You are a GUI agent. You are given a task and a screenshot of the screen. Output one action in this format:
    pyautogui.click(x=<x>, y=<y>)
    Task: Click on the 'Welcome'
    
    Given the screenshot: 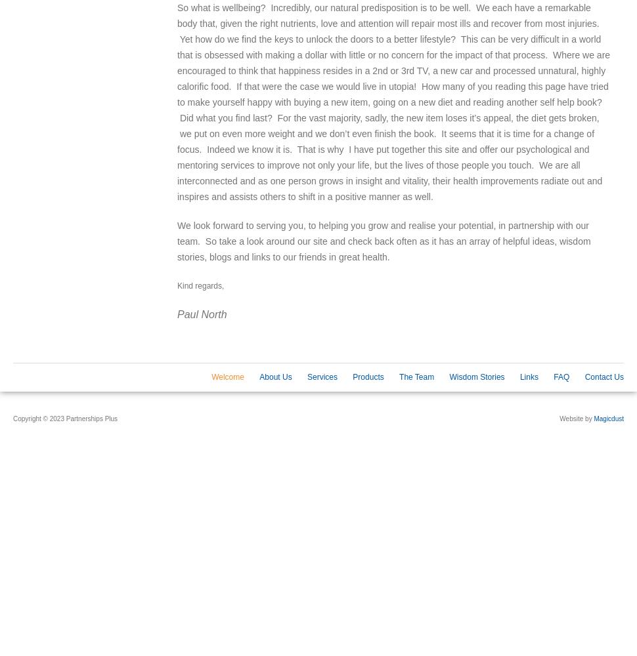 What is the action you would take?
    pyautogui.click(x=211, y=377)
    